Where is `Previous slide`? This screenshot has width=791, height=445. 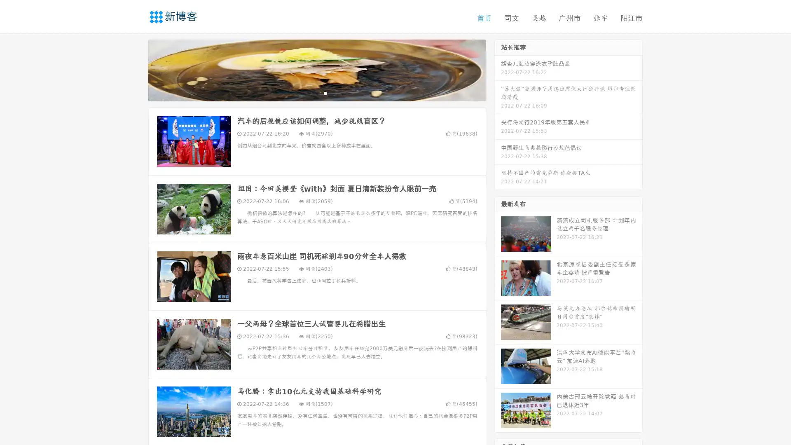
Previous slide is located at coordinates (136, 69).